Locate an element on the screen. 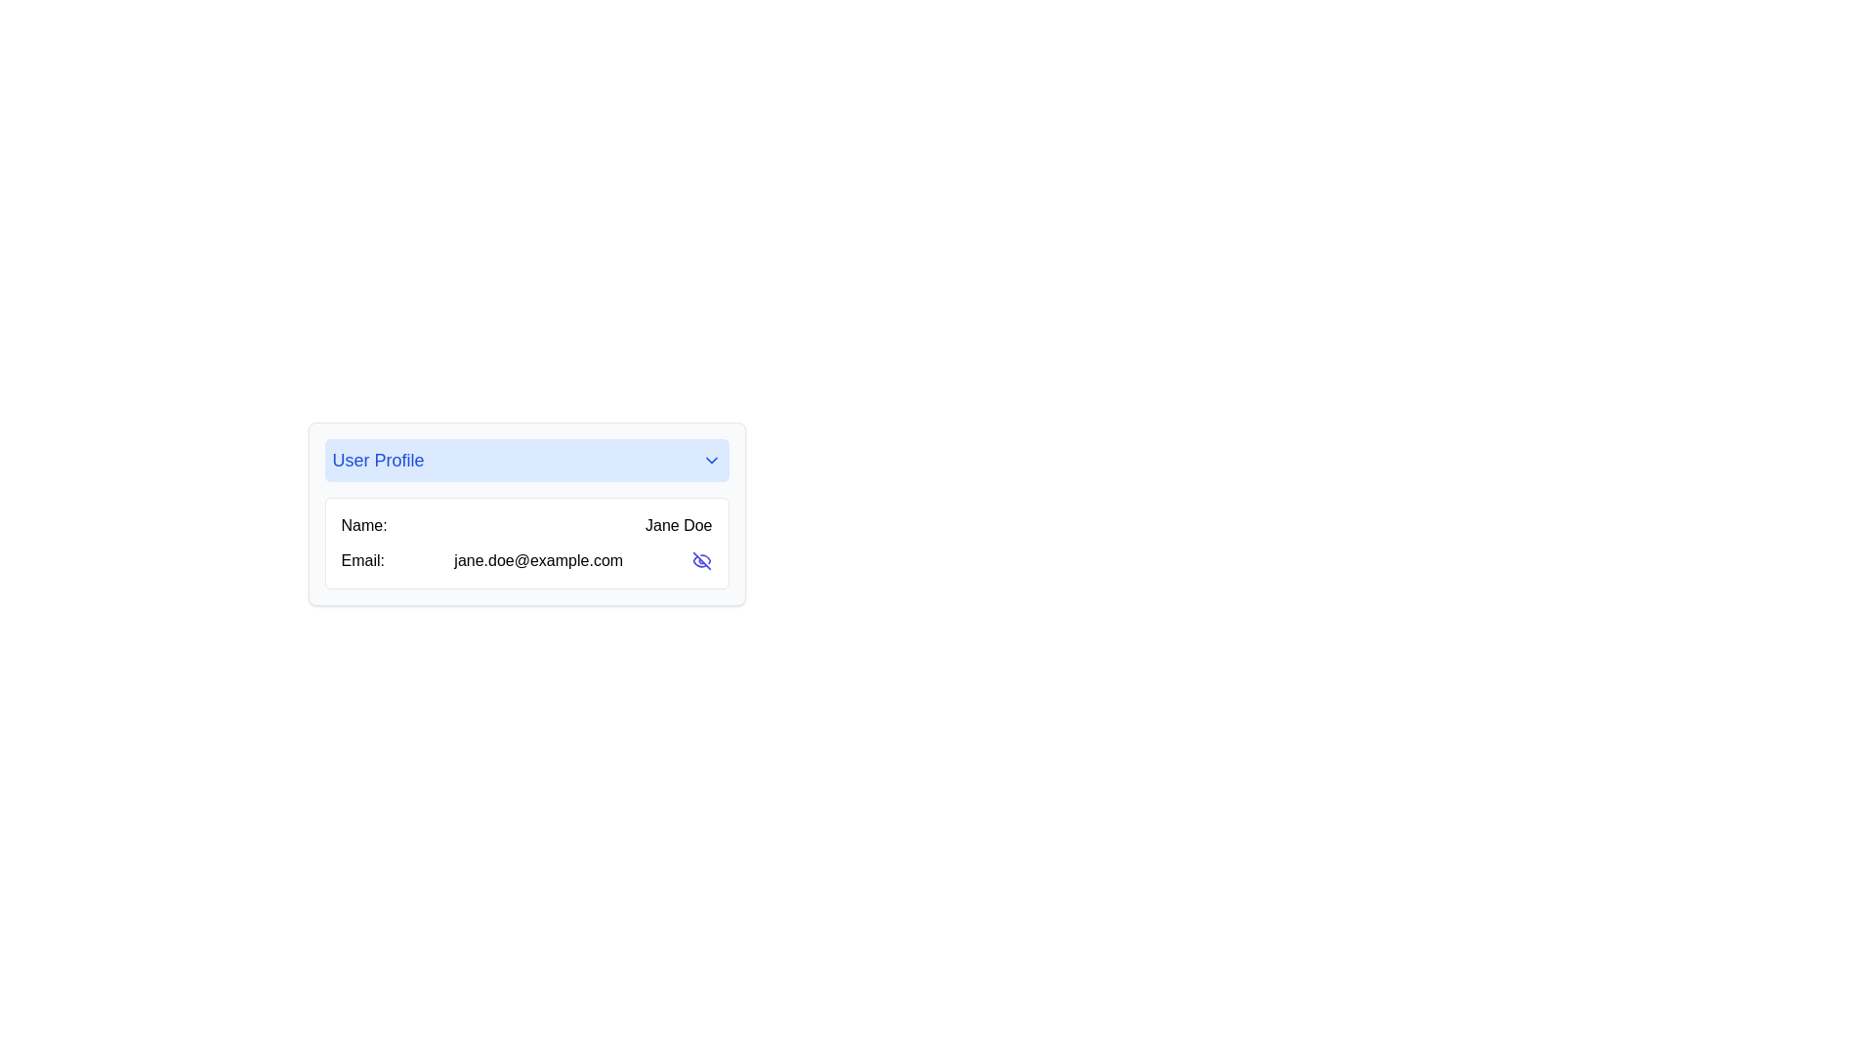 The width and height of the screenshot is (1875, 1054). the user's email address text label, which is located next to the 'Email:' label in the user profile card, beneath the 'Name' row is located at coordinates (538, 560).